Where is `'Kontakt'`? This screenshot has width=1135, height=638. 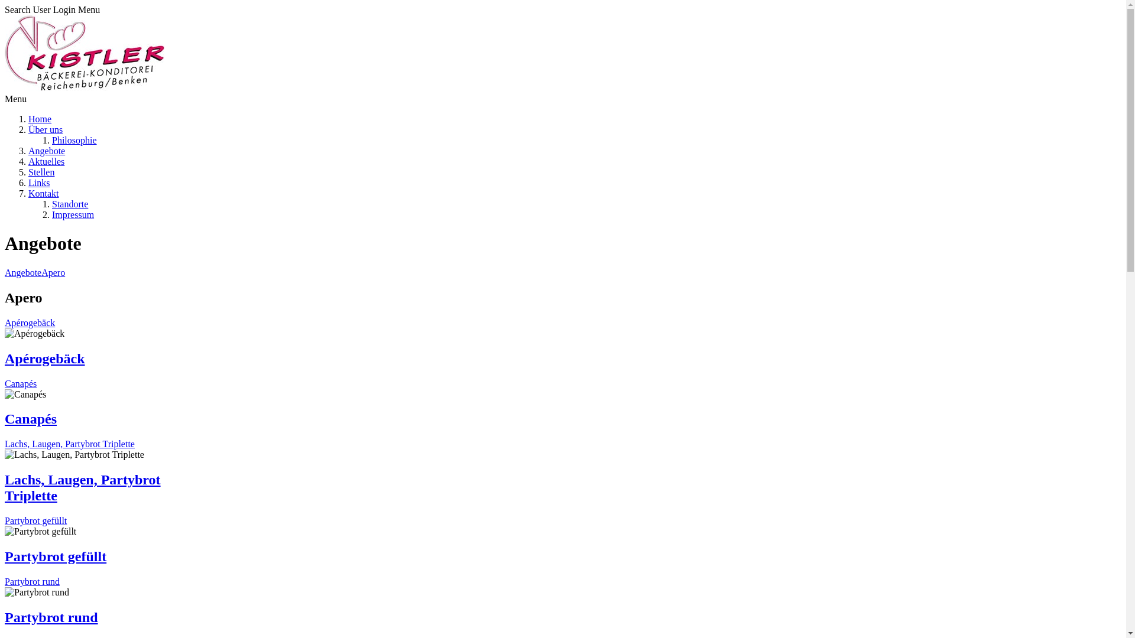 'Kontakt' is located at coordinates (43, 193).